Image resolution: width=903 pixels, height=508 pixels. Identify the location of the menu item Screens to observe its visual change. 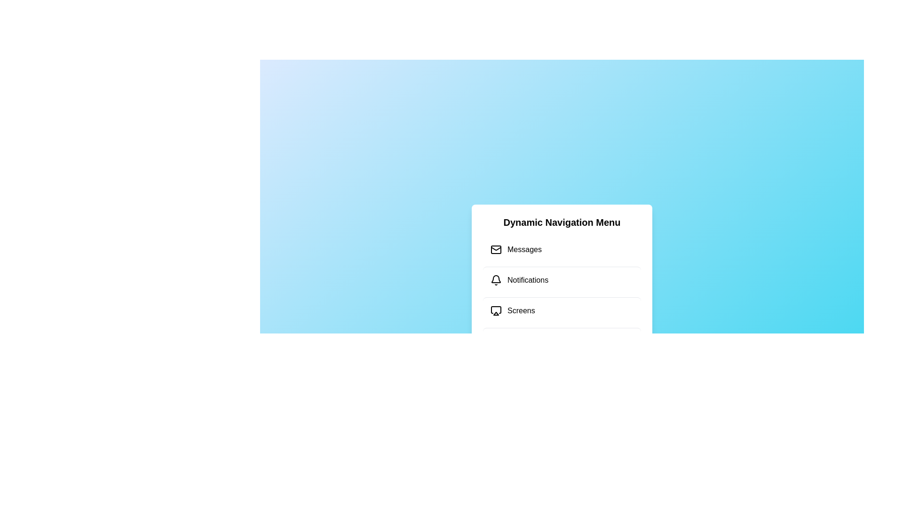
(562, 310).